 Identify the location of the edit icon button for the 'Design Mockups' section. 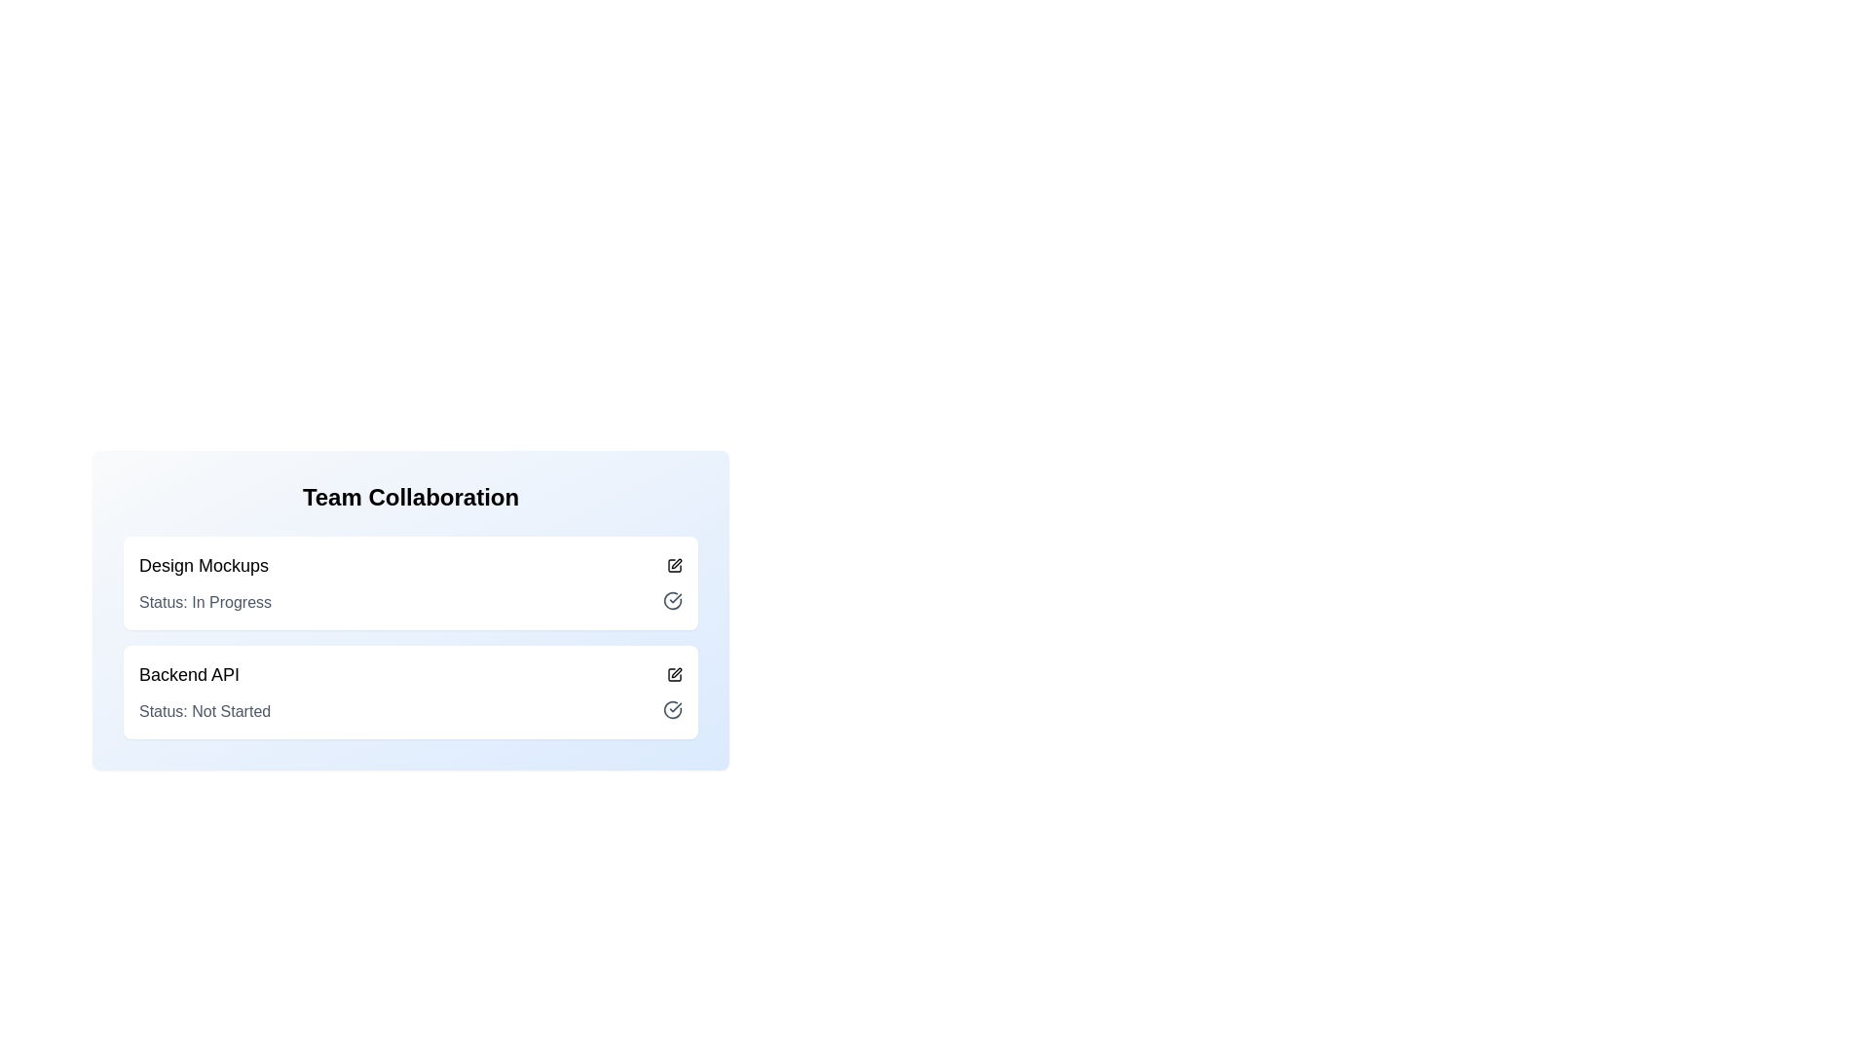
(674, 566).